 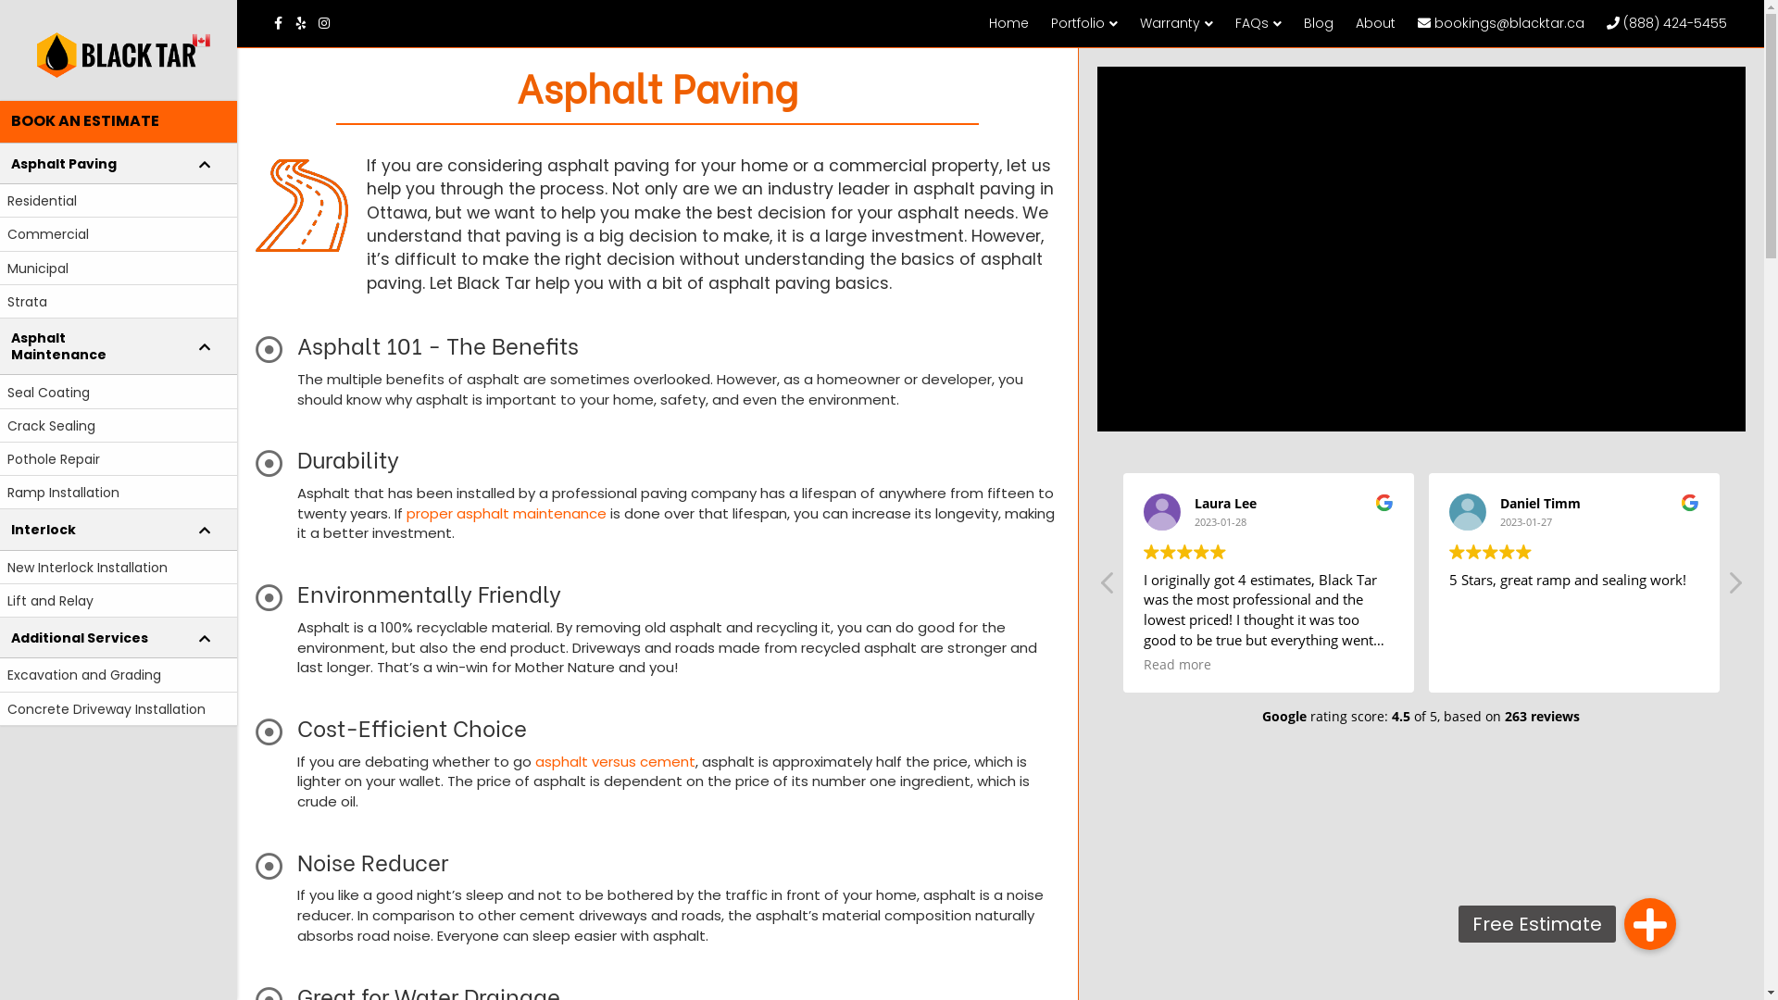 I want to click on 'Warranty', so click(x=1175, y=23).